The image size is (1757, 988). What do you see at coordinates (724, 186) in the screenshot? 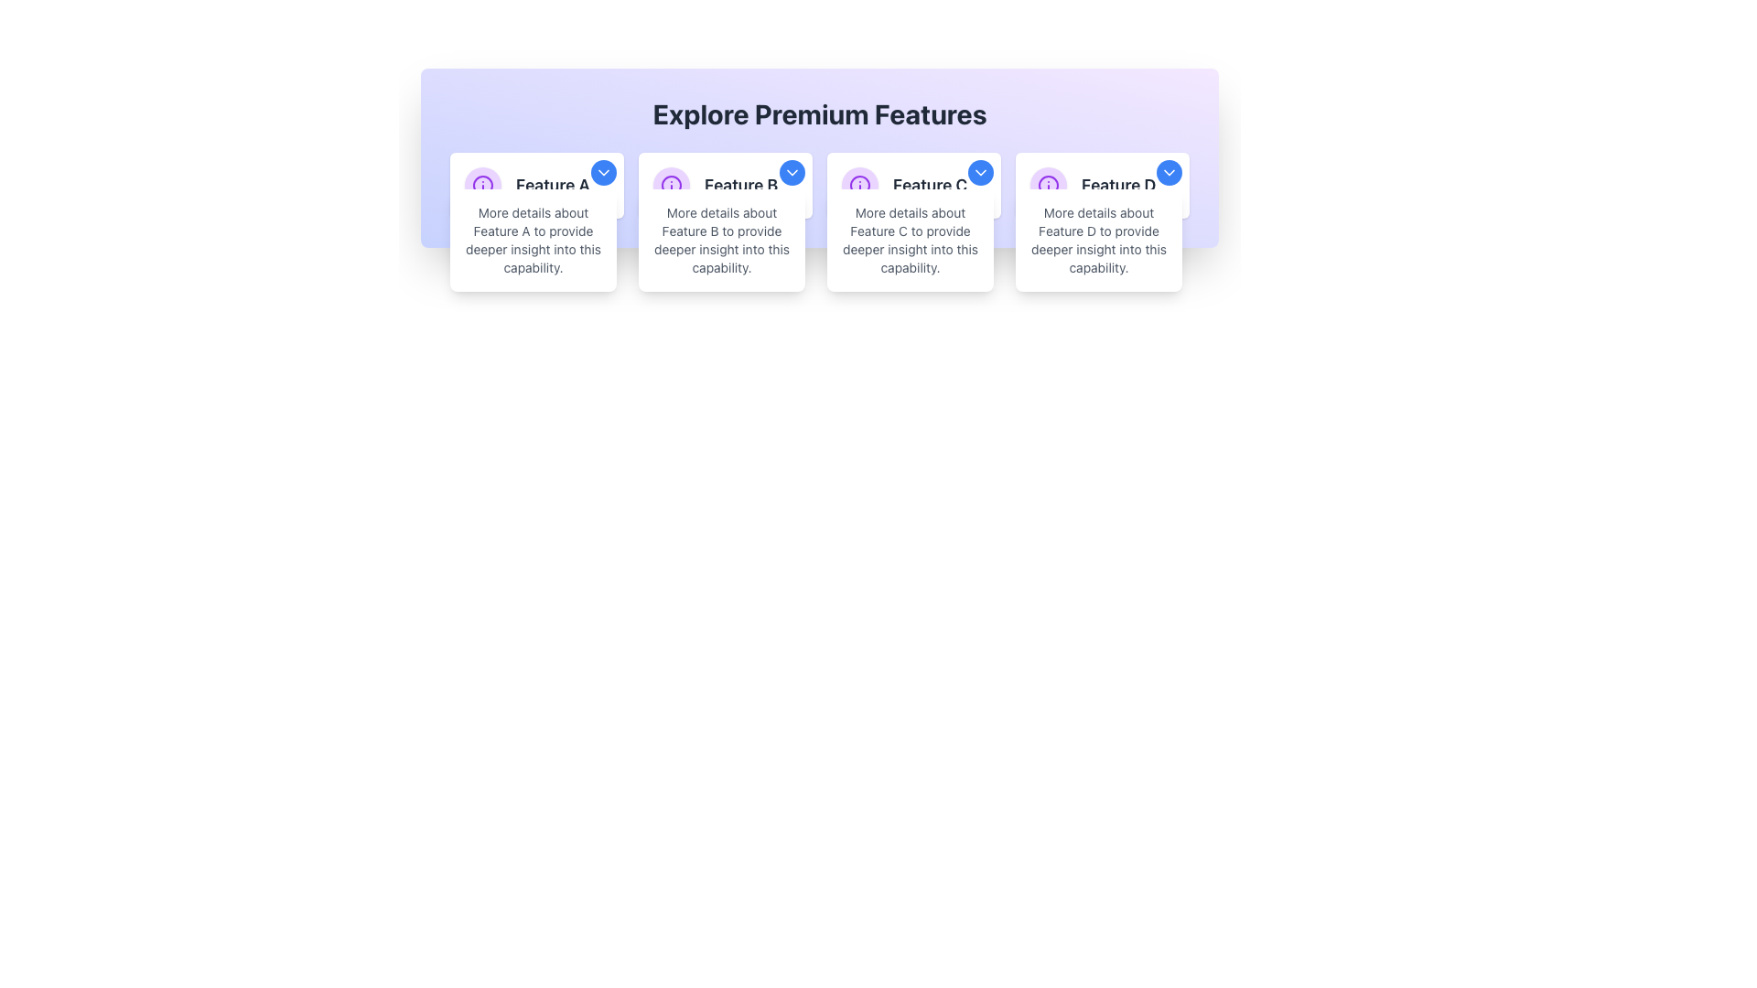
I see `the static text element titled 'Feature B' located in the second card of a horizontal layout, which is positioned below a lavender icon and to the left of a blue badge` at bounding box center [724, 186].